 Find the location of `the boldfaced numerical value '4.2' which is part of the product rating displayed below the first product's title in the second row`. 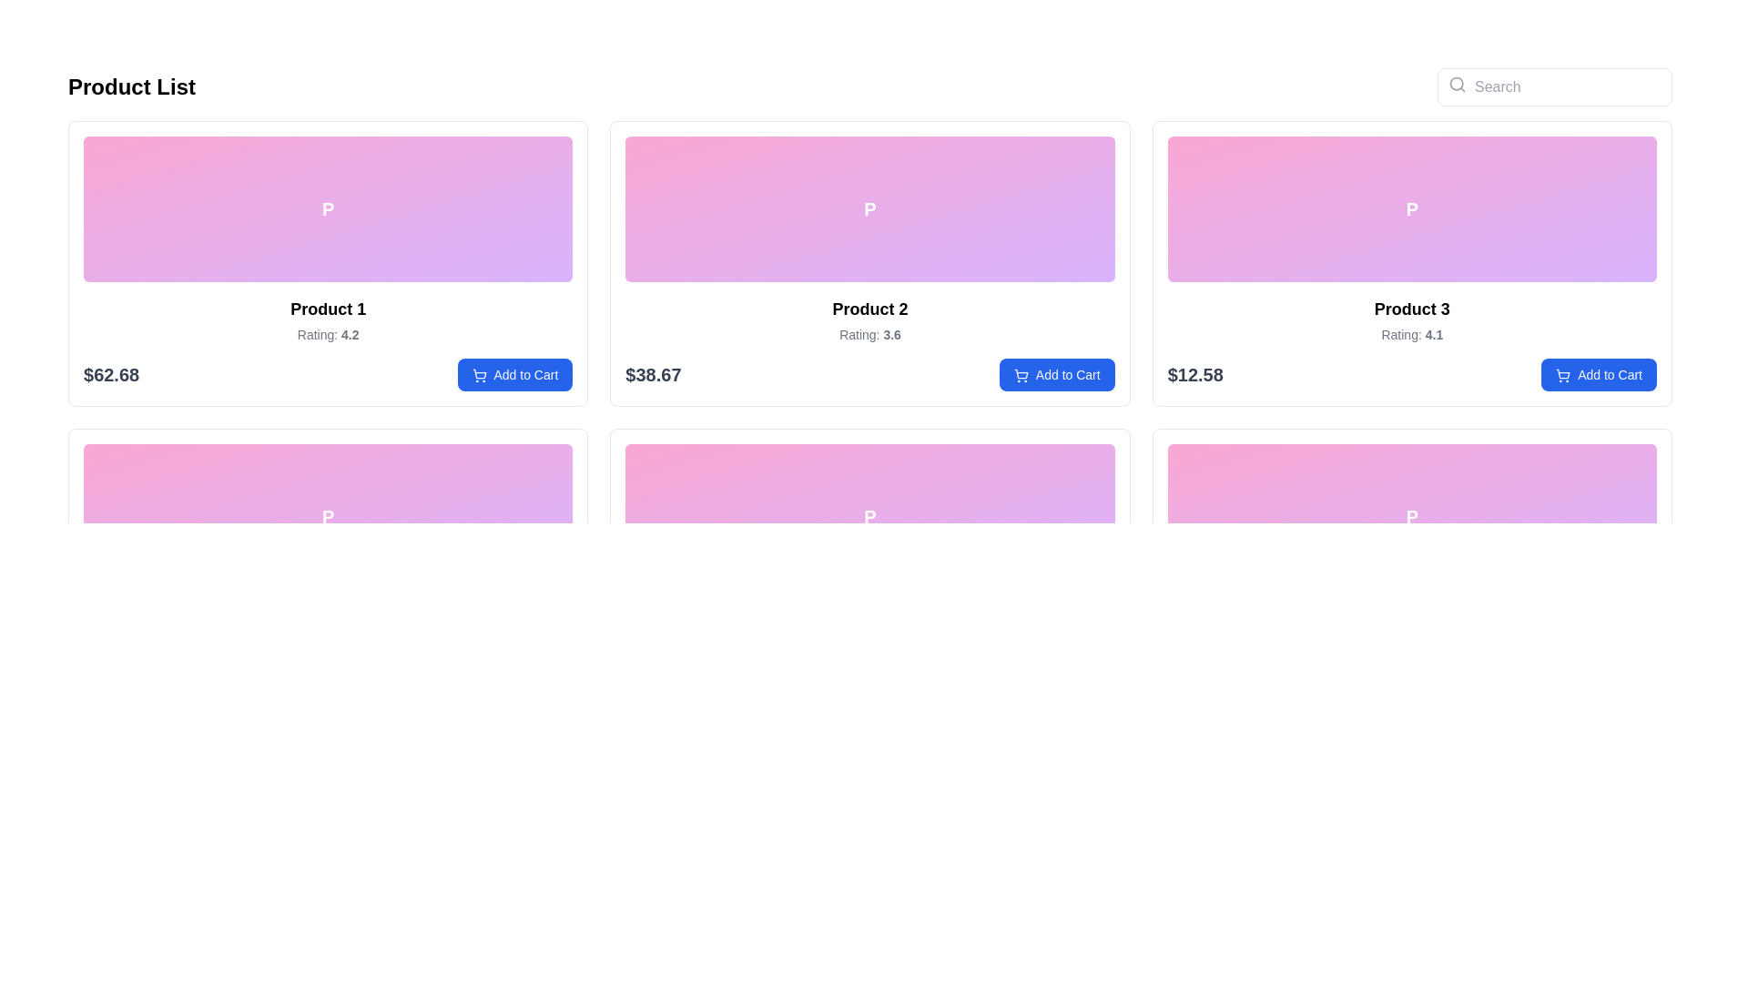

the boldfaced numerical value '4.2' which is part of the product rating displayed below the first product's title in the second row is located at coordinates (350, 949).